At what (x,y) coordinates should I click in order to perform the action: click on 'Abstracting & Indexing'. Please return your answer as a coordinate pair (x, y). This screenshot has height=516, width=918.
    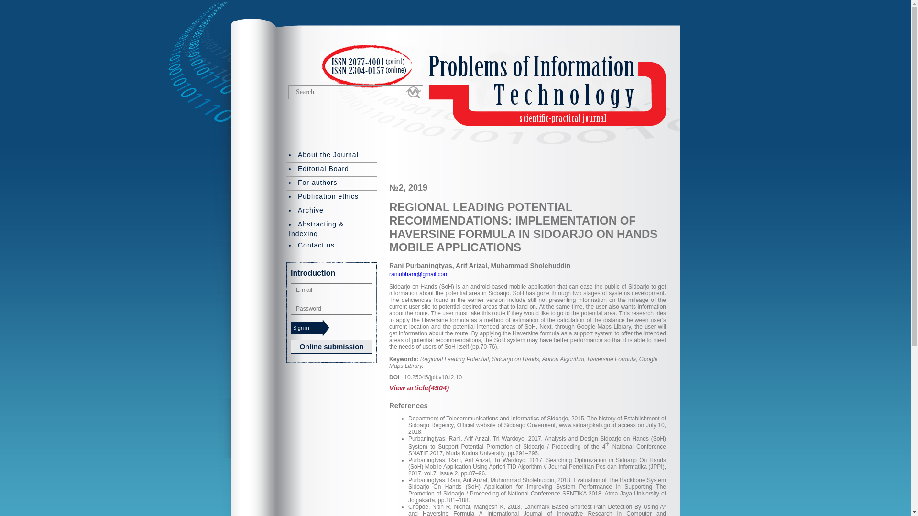
    Looking at the image, I should click on (331, 228).